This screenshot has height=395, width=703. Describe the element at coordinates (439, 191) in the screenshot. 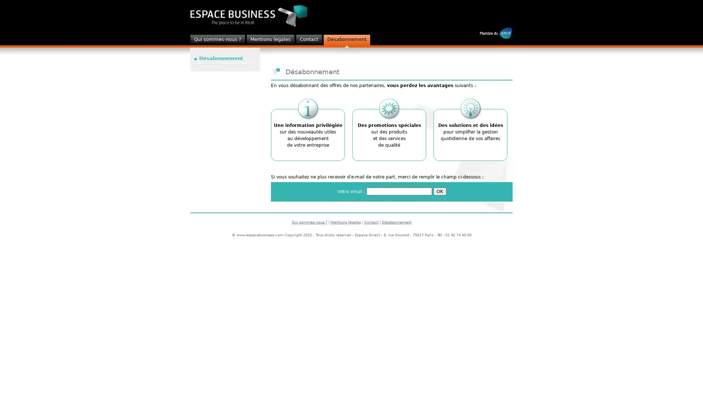

I see `OK` at that location.